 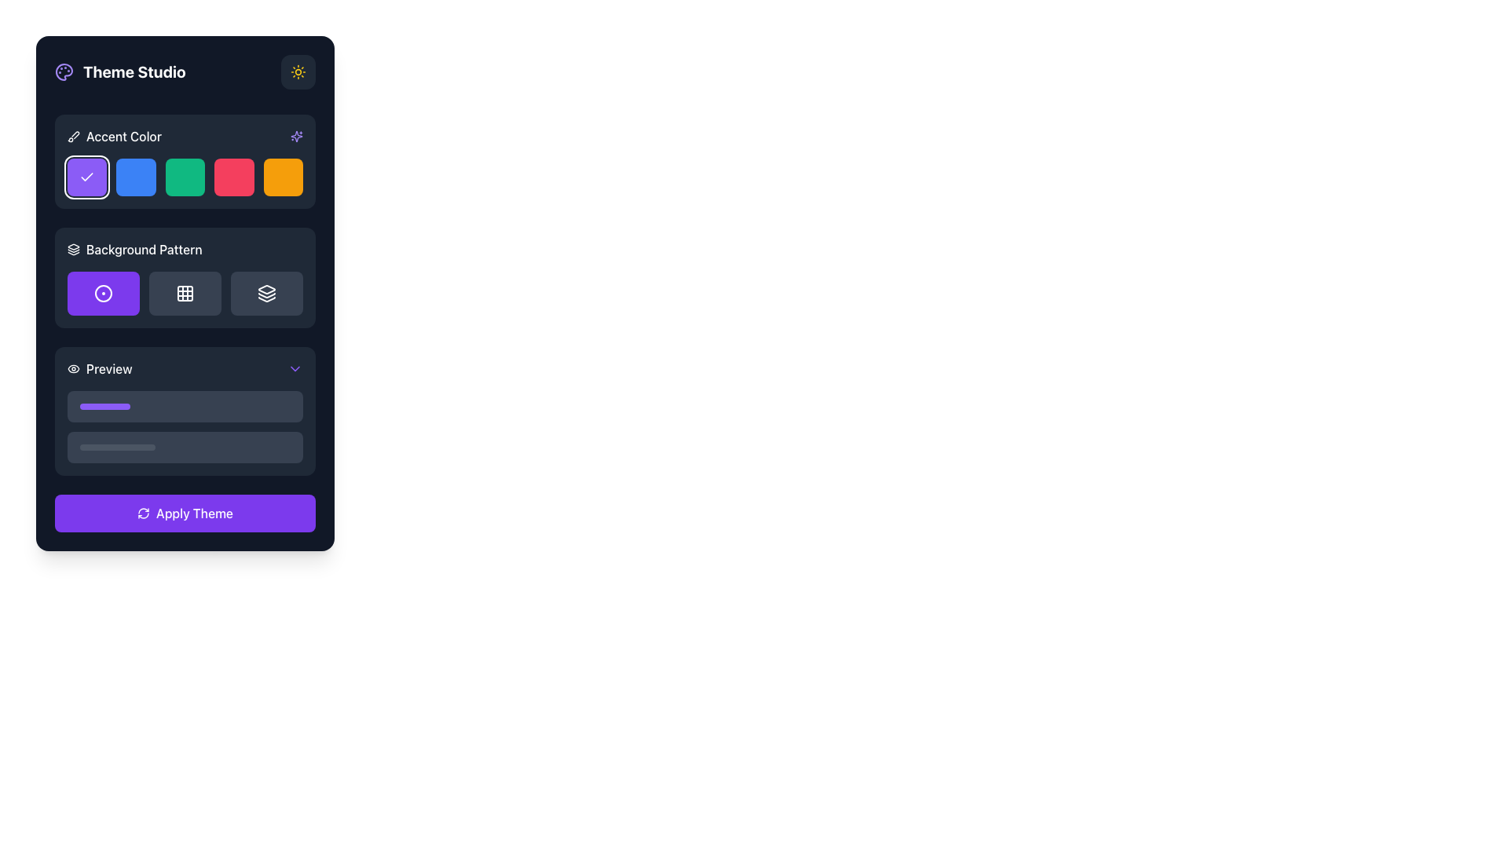 I want to click on the eye icon, so click(x=73, y=369).